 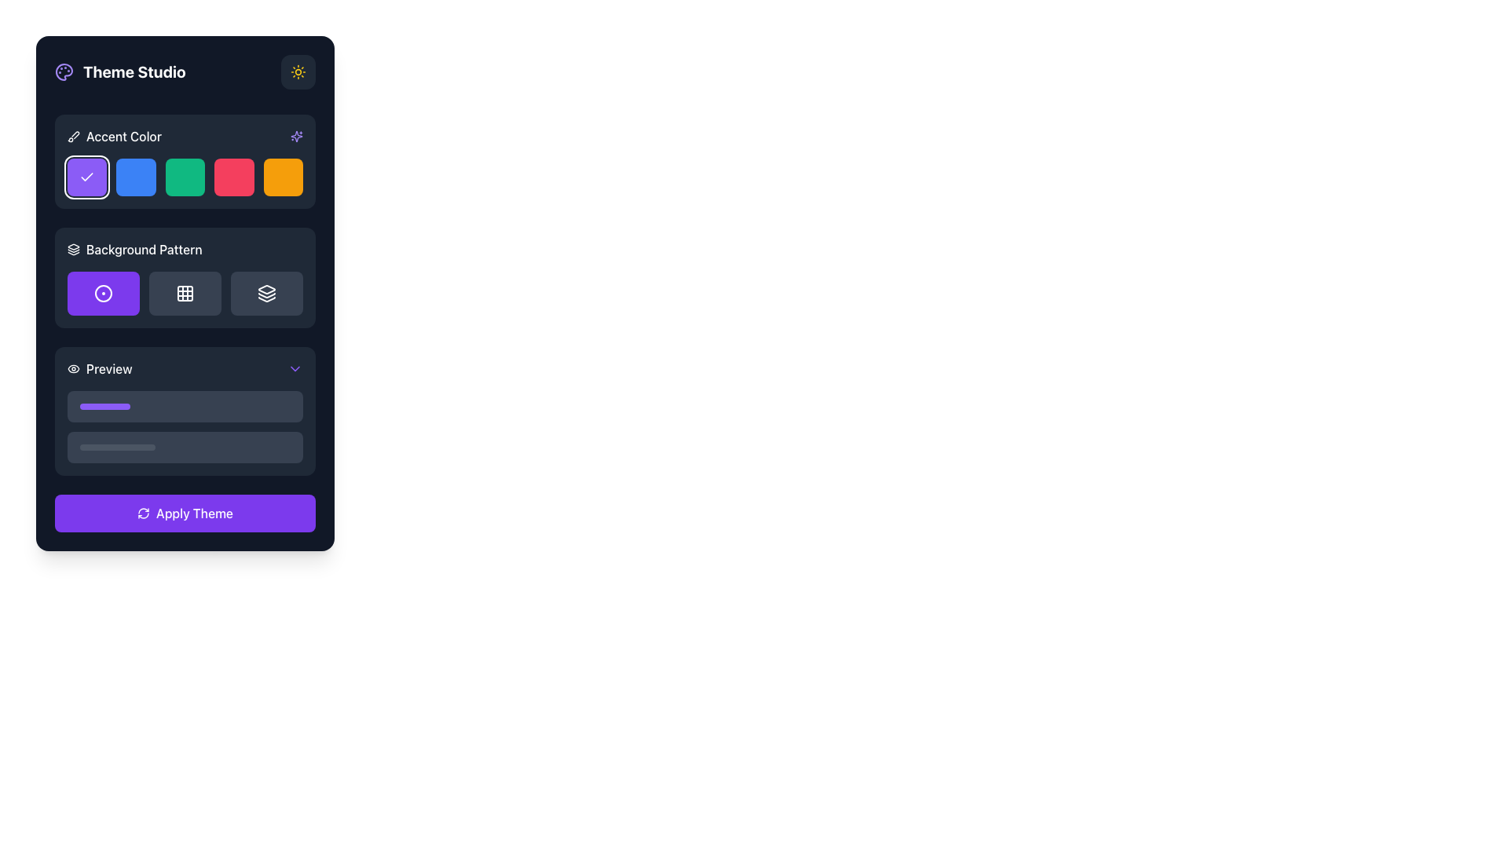 I want to click on the eye icon, so click(x=73, y=369).